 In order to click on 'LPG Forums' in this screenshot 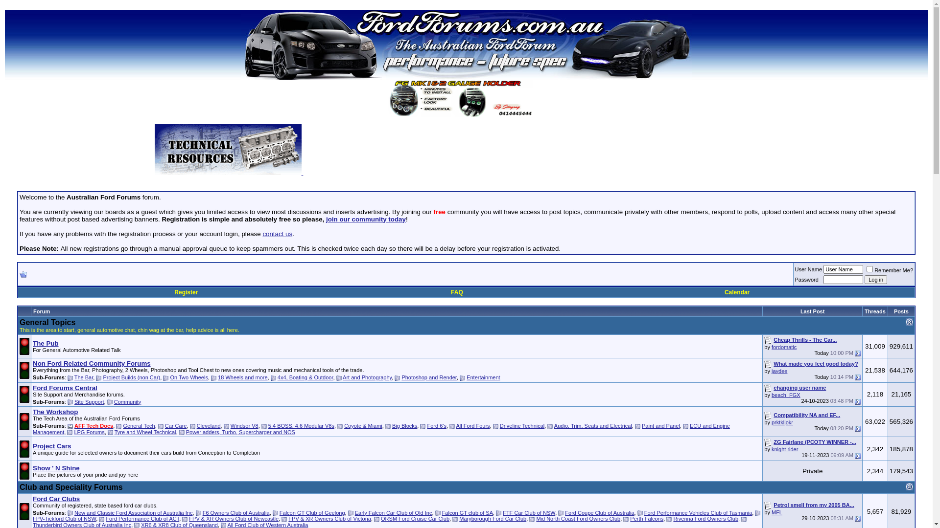, I will do `click(89, 431)`.